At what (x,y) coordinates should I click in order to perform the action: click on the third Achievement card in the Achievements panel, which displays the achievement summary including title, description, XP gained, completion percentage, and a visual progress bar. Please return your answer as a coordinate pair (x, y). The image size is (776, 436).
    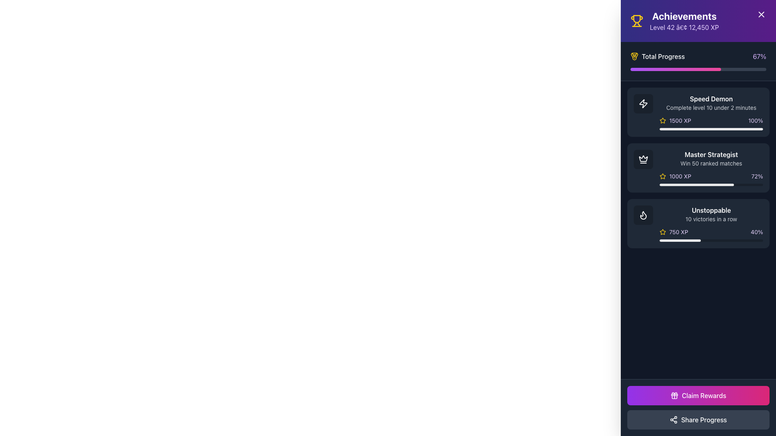
    Looking at the image, I should click on (698, 224).